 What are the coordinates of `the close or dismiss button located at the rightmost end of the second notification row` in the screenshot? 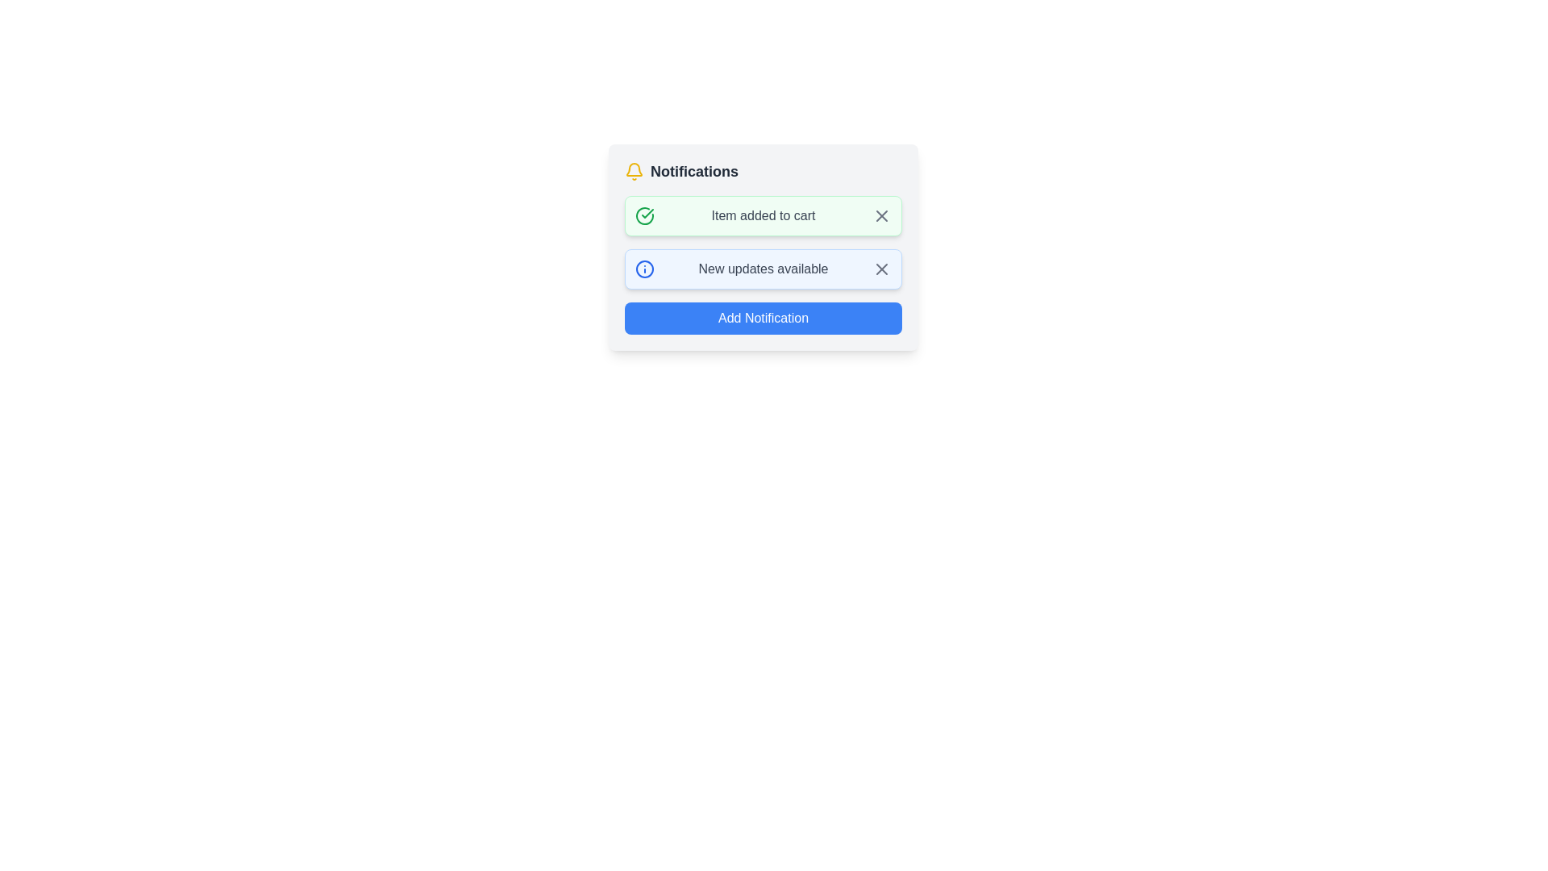 It's located at (881, 269).